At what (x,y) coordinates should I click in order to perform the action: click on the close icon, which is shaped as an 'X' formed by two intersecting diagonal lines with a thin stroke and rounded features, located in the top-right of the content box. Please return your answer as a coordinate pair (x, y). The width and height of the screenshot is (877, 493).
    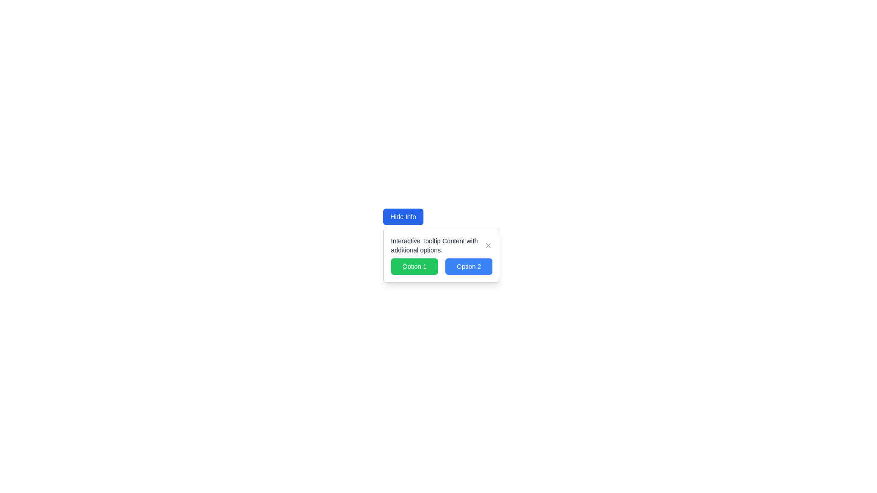
    Looking at the image, I should click on (488, 245).